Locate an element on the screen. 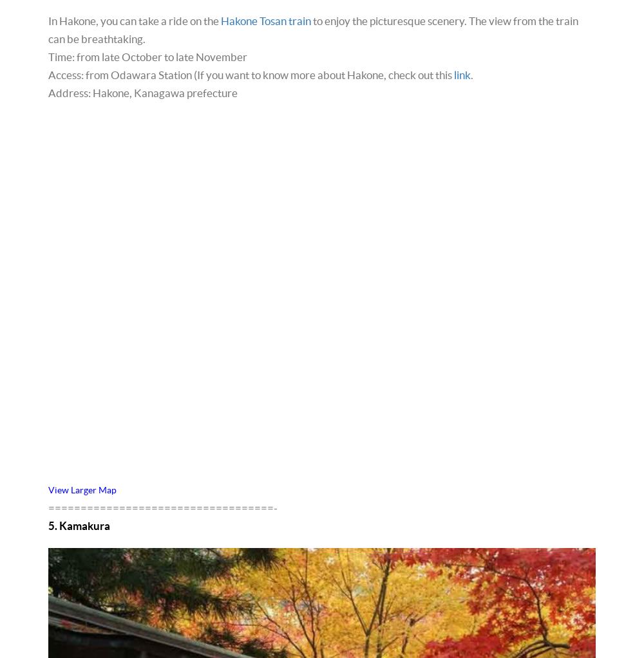  'View Larger Map' is located at coordinates (82, 489).